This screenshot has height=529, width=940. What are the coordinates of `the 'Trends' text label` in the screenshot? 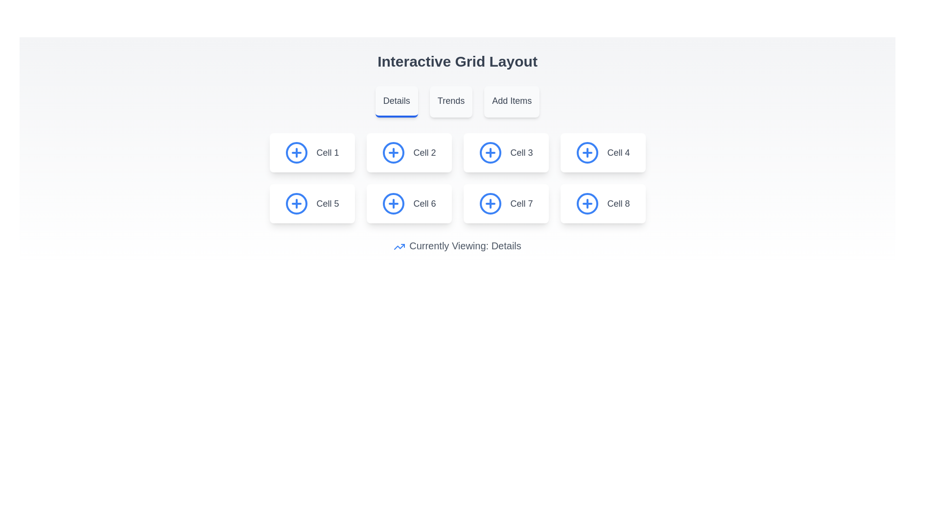 It's located at (450, 100).